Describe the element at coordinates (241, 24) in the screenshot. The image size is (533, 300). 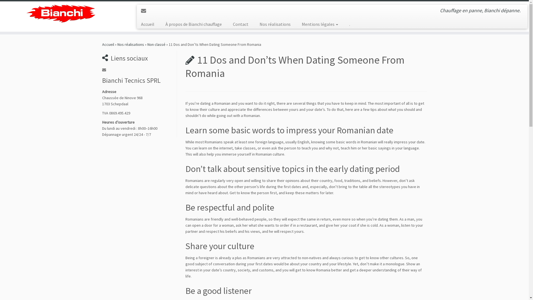
I see `'Contact'` at that location.